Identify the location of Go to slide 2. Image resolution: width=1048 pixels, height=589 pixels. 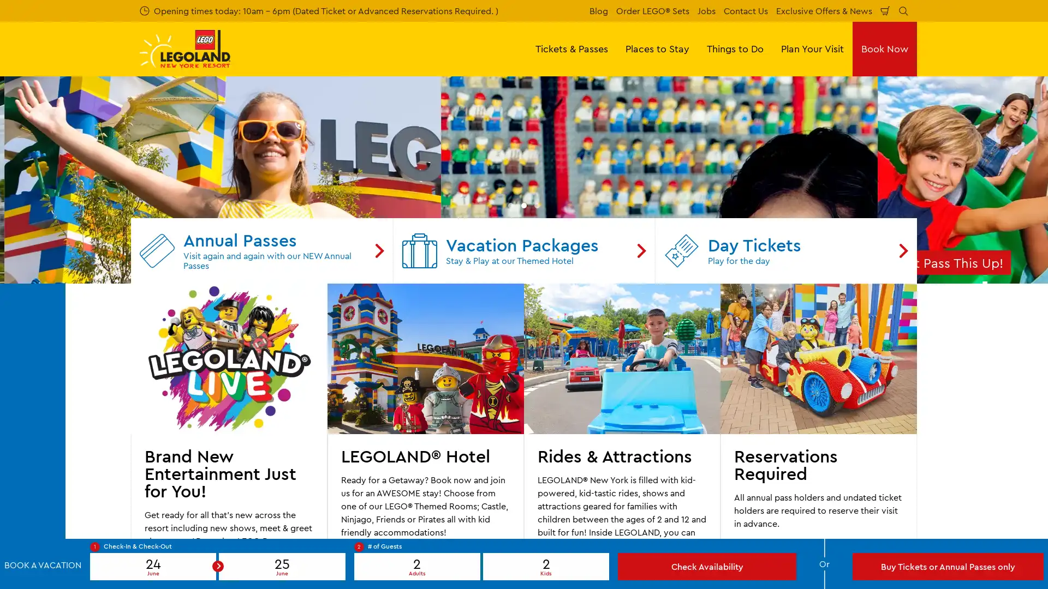
(524, 422).